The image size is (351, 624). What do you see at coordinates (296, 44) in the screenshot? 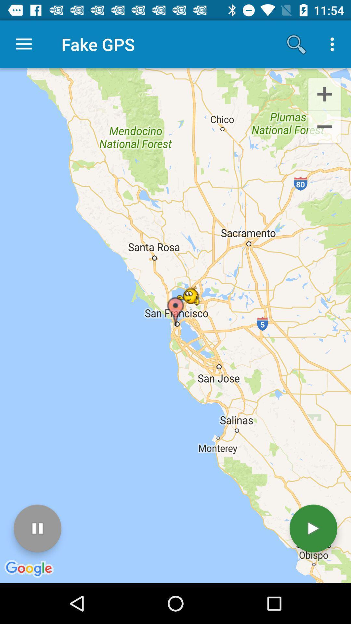
I see `item to the right of the fake gps` at bounding box center [296, 44].